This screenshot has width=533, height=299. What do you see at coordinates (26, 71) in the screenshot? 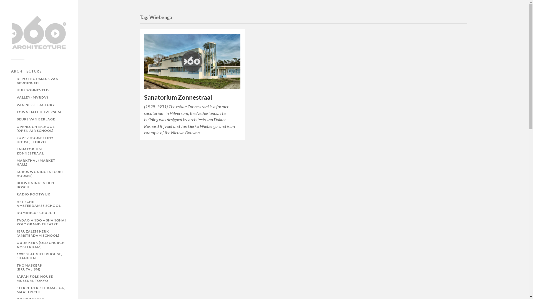
I see `'ARCHITECTURE'` at bounding box center [26, 71].